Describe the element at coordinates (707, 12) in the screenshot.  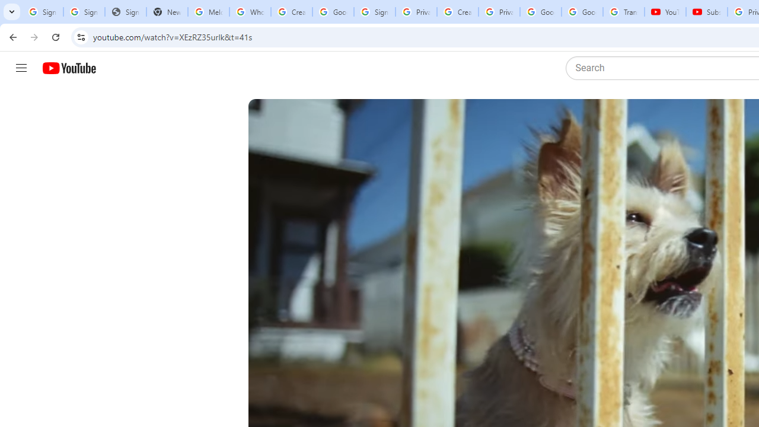
I see `'Subscriptions - YouTube'` at that location.